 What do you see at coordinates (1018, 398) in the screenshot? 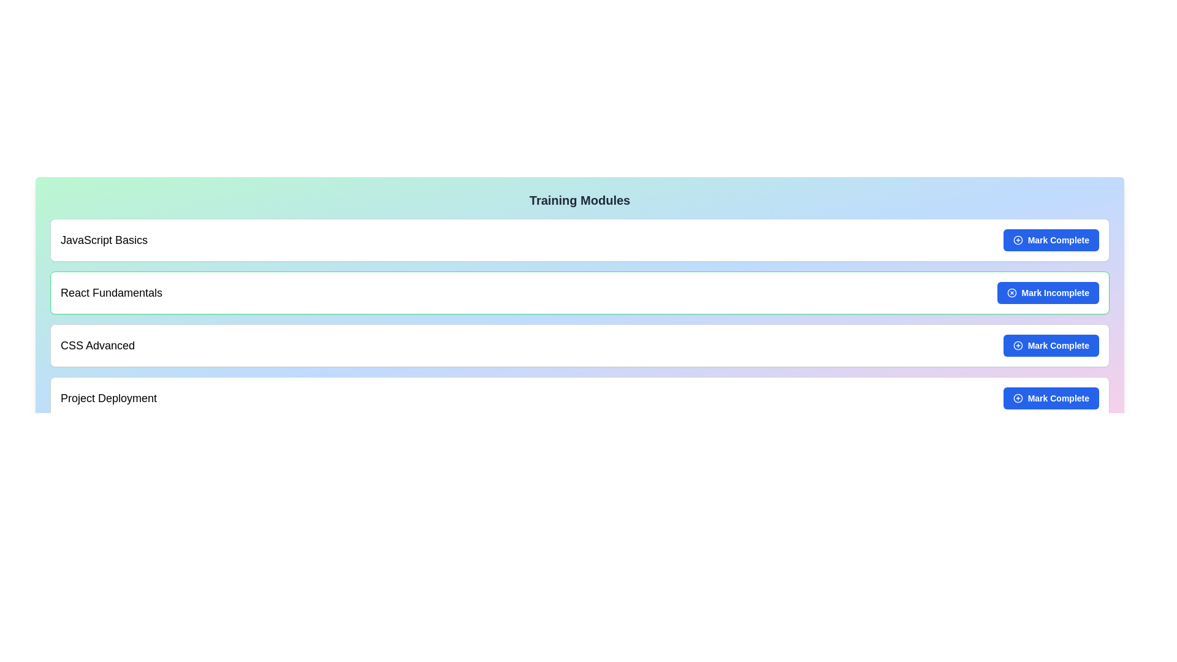
I see `circular '+' icon with a blue outline and white background, located to the left of the 'Mark Complete' text, within the button for 'Project Deployment'` at bounding box center [1018, 398].